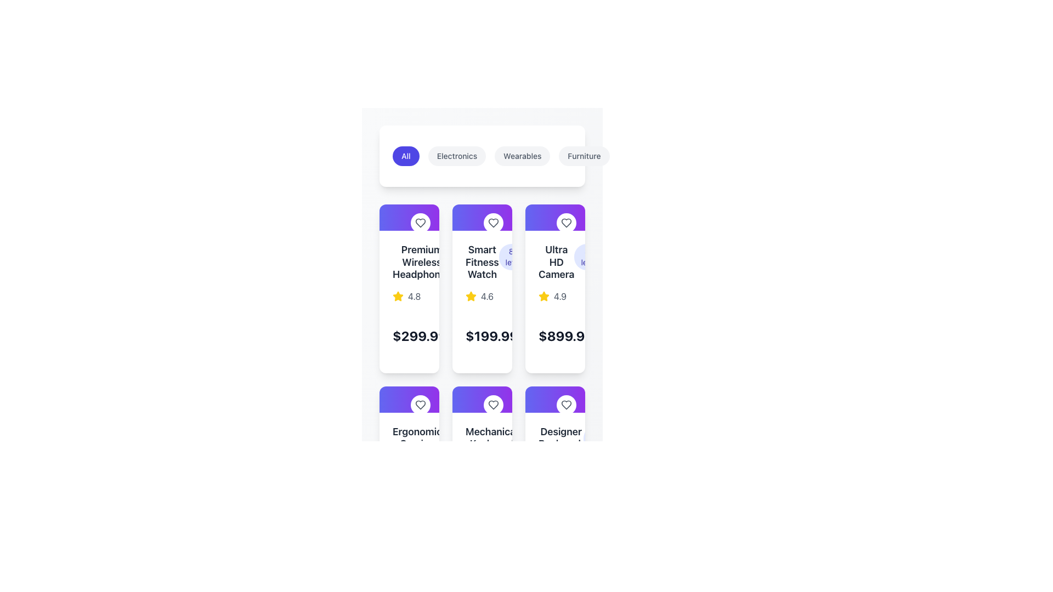  I want to click on rating information displayed by the yellow star icon and the number '4.9' in gray text, located within the 'Ultra HD Camera' product card, so click(555, 296).